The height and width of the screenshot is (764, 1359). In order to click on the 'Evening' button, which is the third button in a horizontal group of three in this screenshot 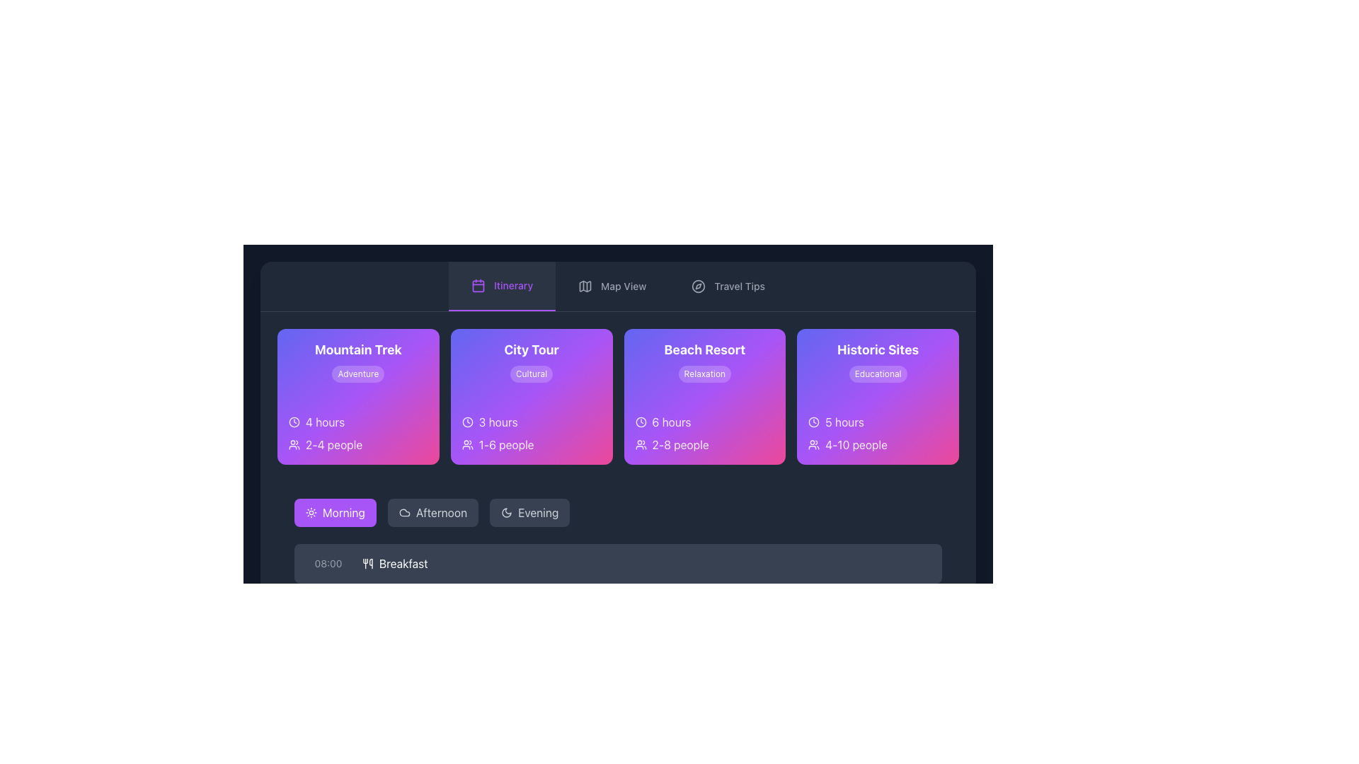, I will do `click(529, 513)`.